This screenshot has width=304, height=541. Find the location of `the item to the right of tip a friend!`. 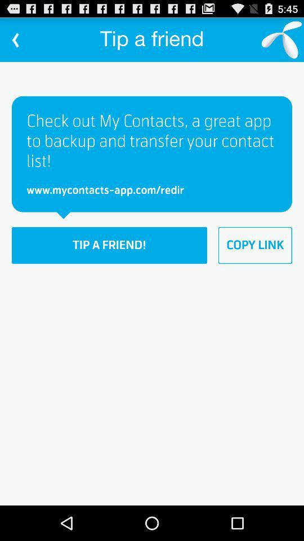

the item to the right of tip a friend! is located at coordinates (255, 245).